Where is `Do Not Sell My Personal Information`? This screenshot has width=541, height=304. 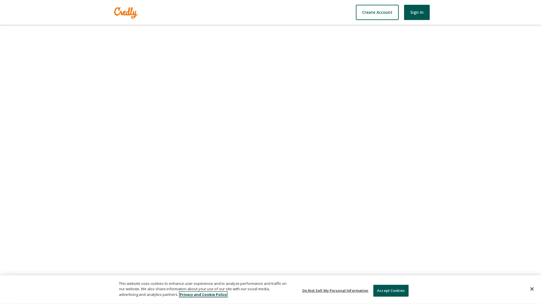
Do Not Sell My Personal Information is located at coordinates (335, 290).